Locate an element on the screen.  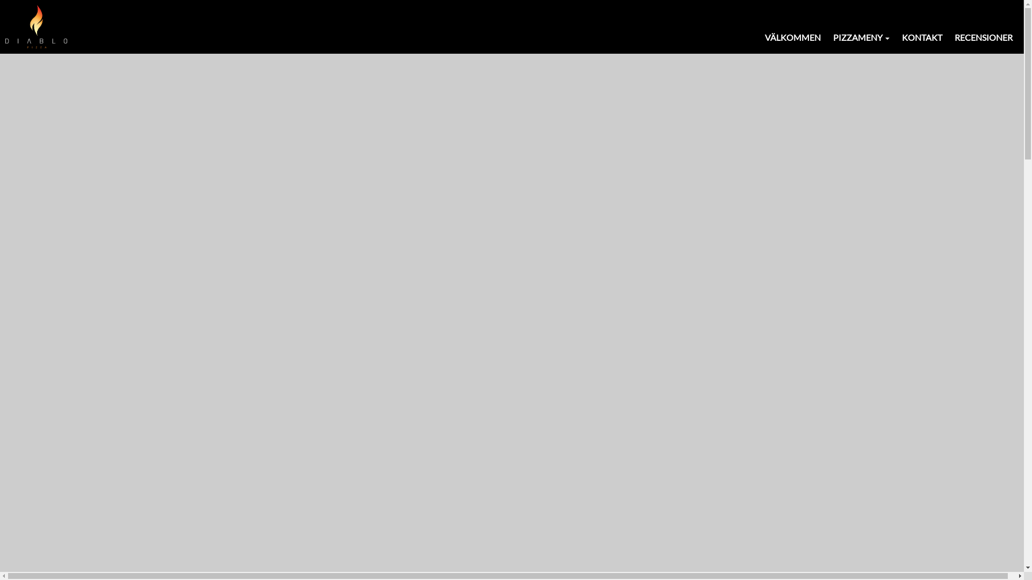
'RECENSIONER' is located at coordinates (983, 37).